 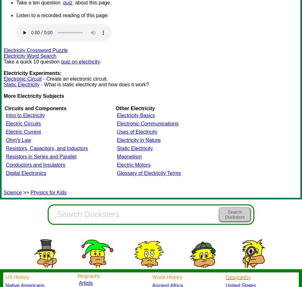 I want to click on 'Search Ducksters', so click(x=234, y=214).